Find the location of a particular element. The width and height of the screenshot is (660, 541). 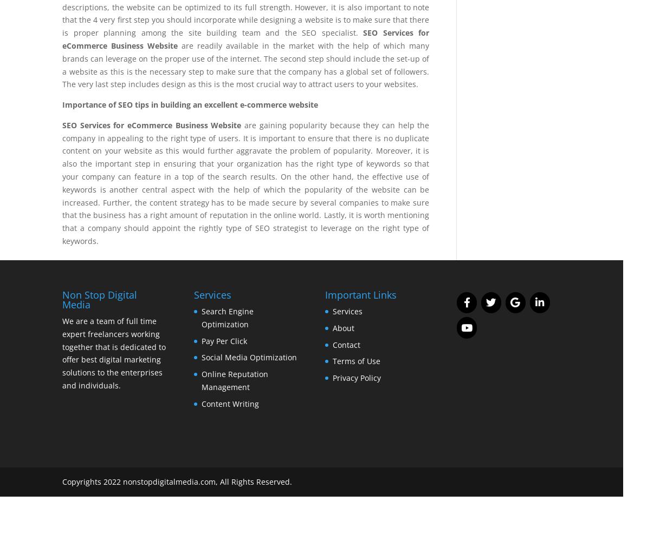

'Content Writing' is located at coordinates (229, 403).